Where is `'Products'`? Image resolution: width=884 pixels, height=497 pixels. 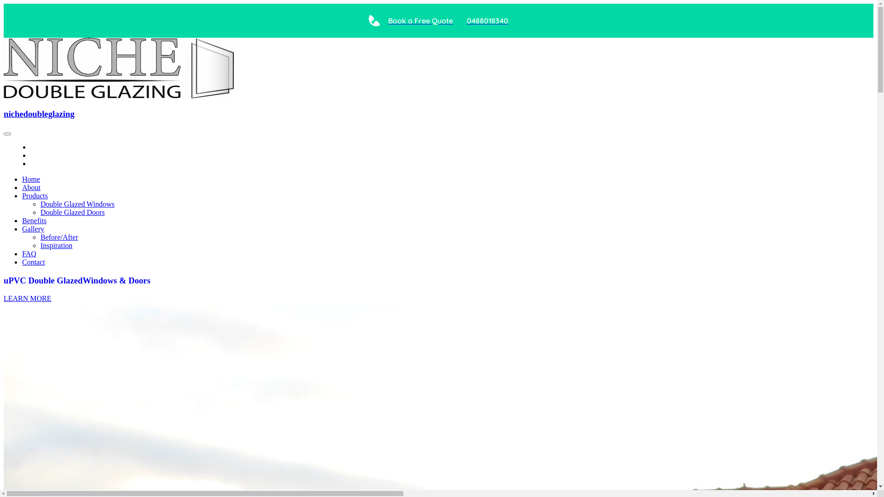
'Products' is located at coordinates (35, 195).